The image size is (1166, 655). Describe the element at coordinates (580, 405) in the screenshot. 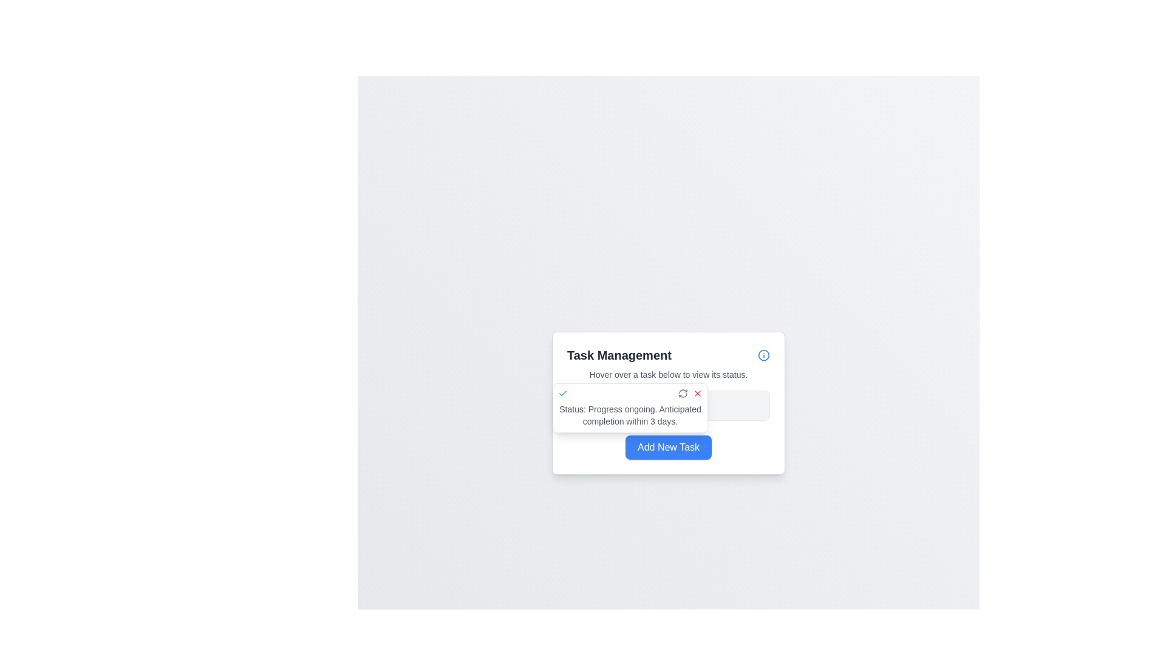

I see `the circular icon styled with yellow color and light stroke, representing an active status within the SVG component framework` at that location.